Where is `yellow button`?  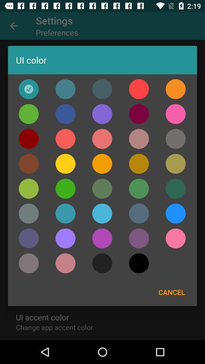
yellow button is located at coordinates (65, 164).